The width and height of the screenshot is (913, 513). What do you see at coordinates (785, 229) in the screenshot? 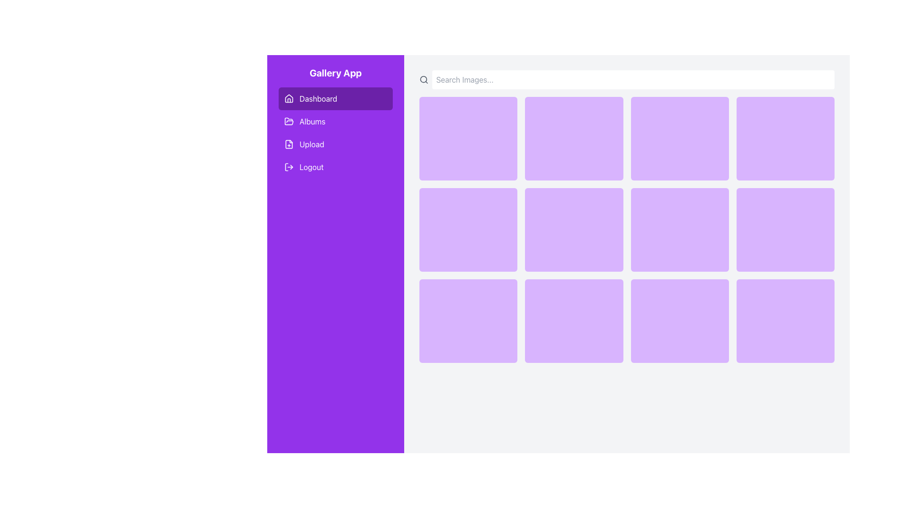
I see `the Grid Item card located in the fourth column of the second row with a light purple background that changes color on hover` at bounding box center [785, 229].